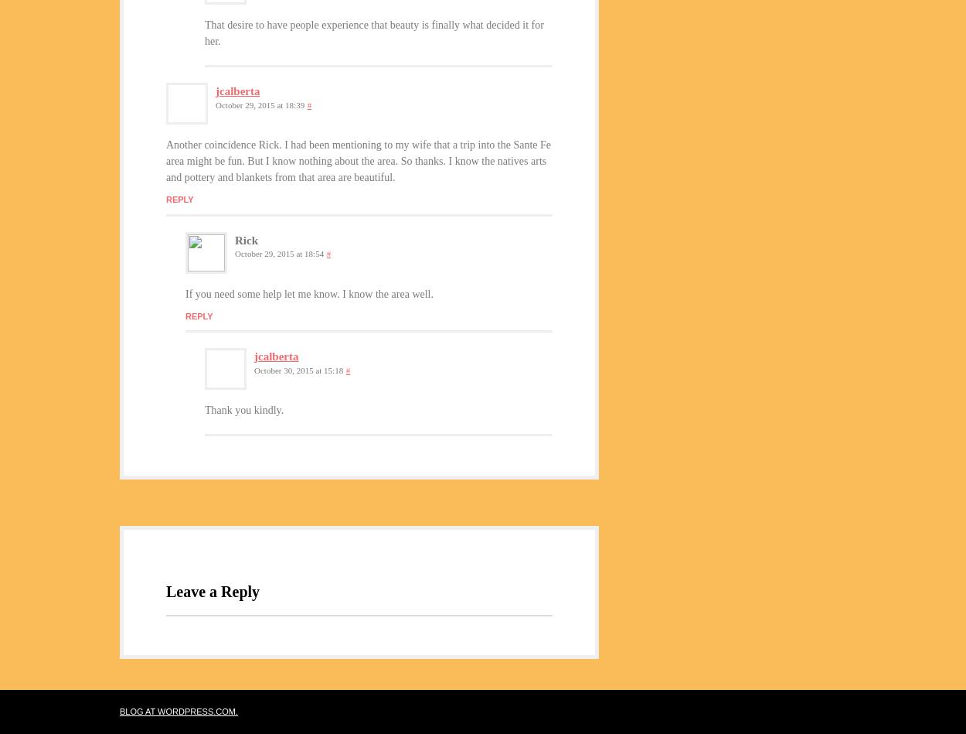  What do you see at coordinates (120, 710) in the screenshot?
I see `'Blog at WordPress.com.'` at bounding box center [120, 710].